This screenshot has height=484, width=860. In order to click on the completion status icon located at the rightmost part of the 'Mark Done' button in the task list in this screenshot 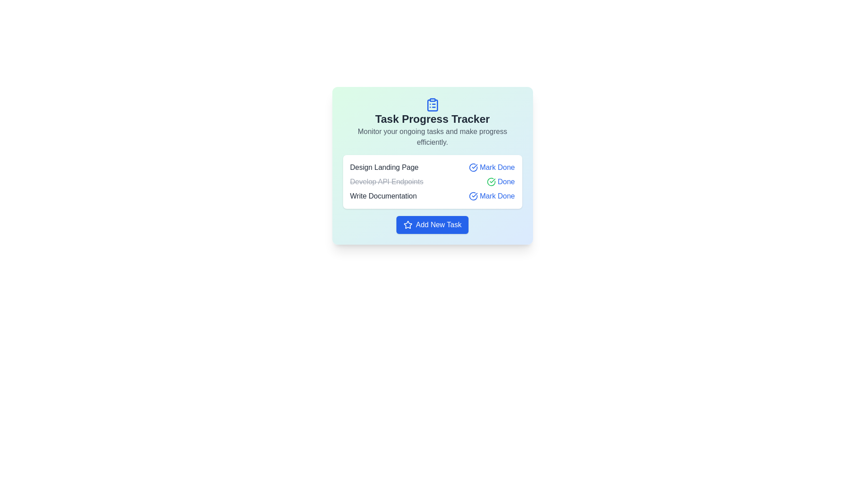, I will do `click(473, 168)`.